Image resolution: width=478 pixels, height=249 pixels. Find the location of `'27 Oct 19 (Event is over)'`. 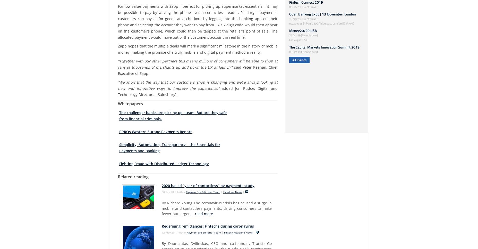

'27 Oct 19 (Event is over)' is located at coordinates (303, 35).